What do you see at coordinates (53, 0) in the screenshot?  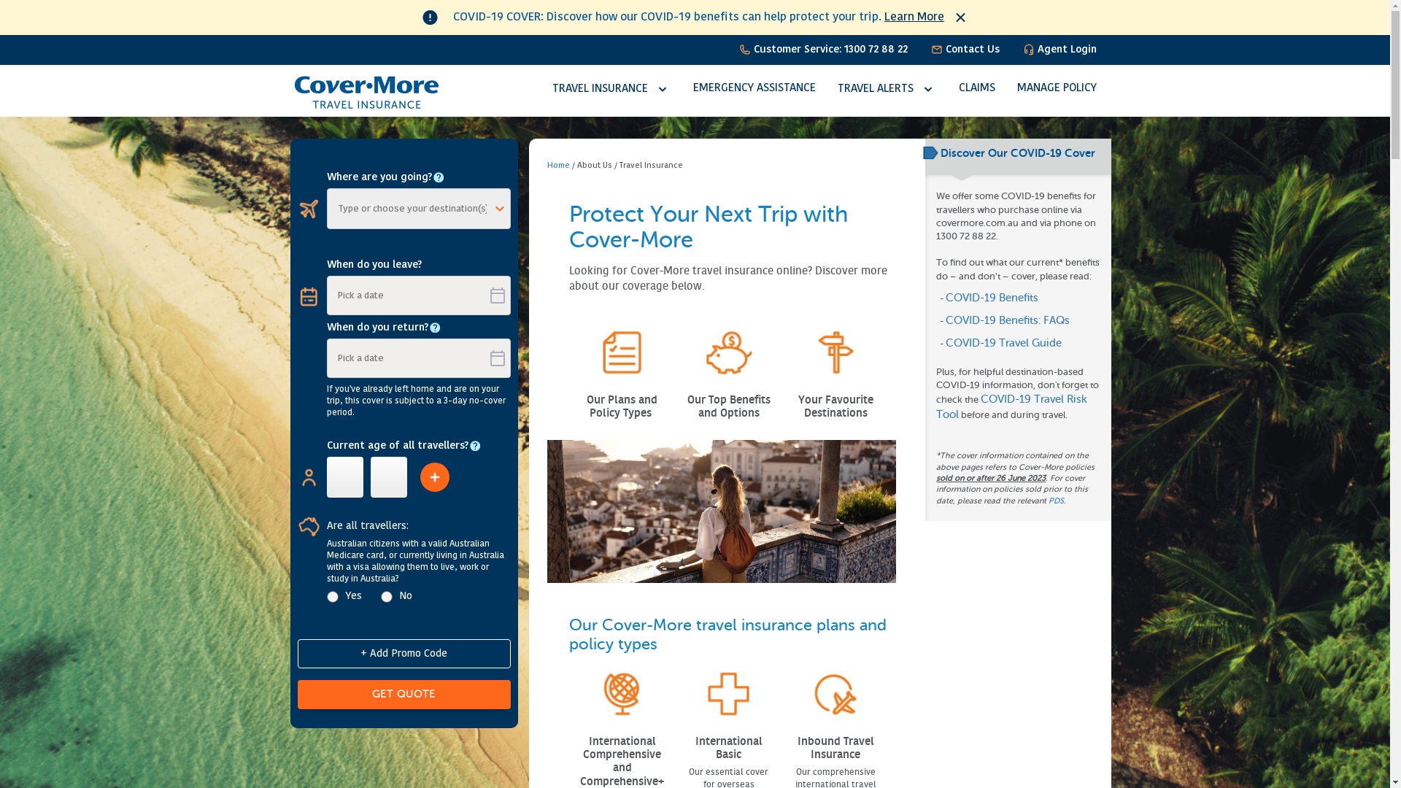 I see `'Skip to main content'` at bounding box center [53, 0].